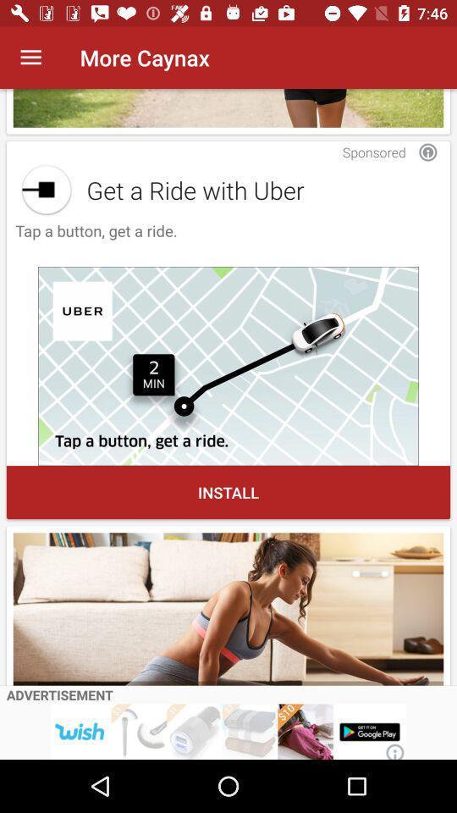 This screenshot has width=457, height=813. Describe the element at coordinates (228, 731) in the screenshot. I see `open this advertisement` at that location.